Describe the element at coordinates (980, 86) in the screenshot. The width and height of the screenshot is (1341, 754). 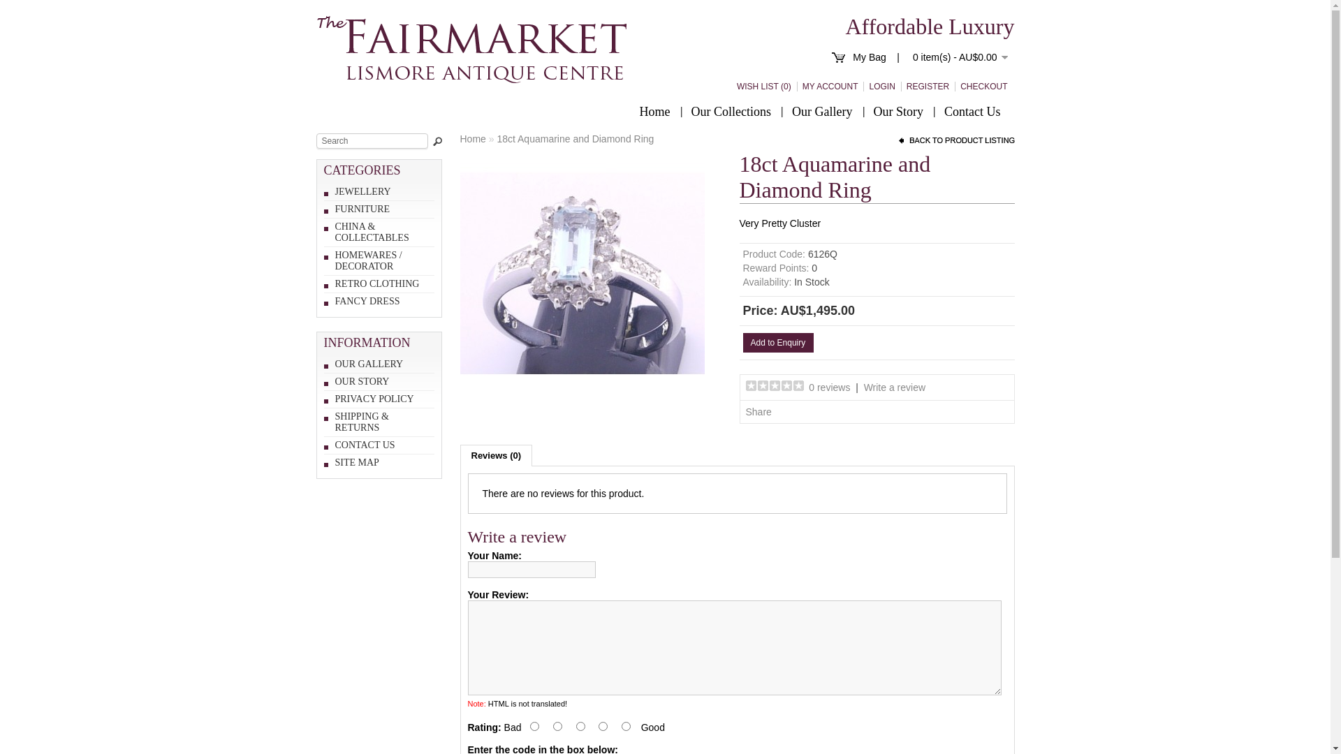
I see `'CHECKOUT'` at that location.